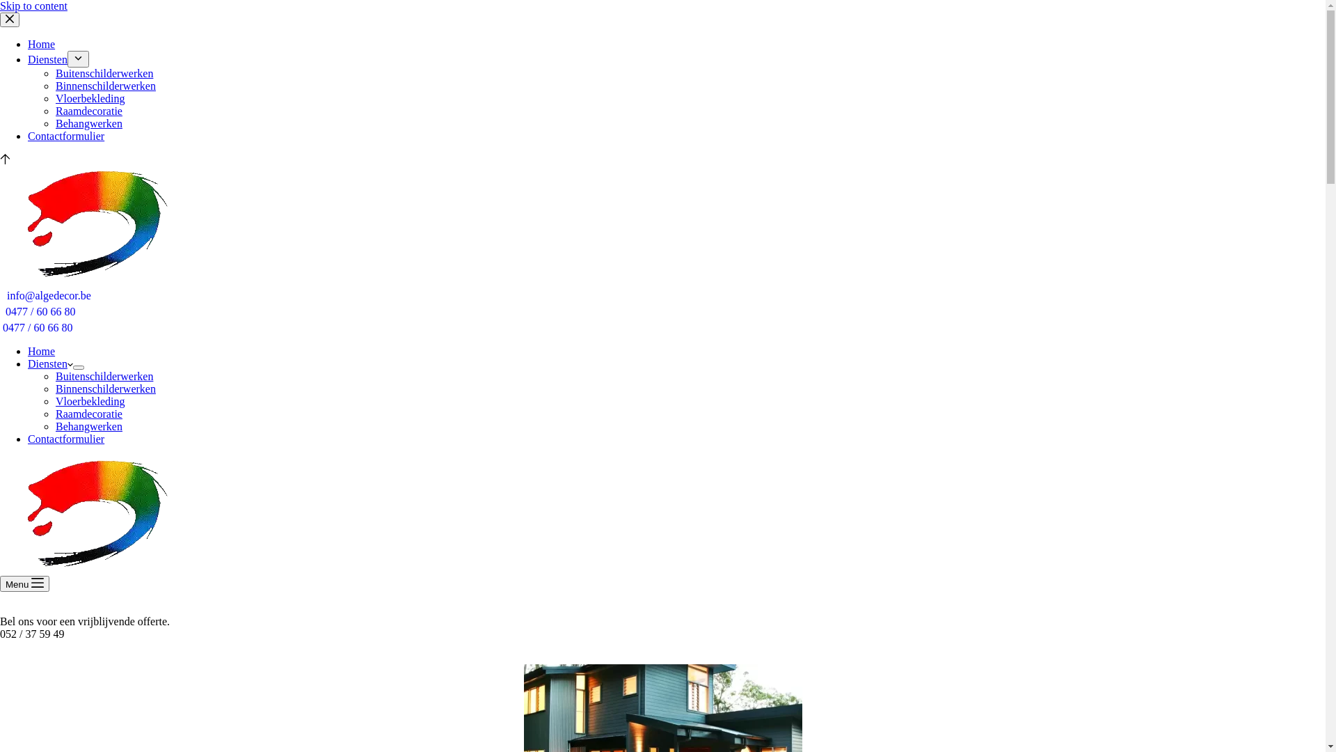 This screenshot has width=1336, height=752. What do you see at coordinates (105, 86) in the screenshot?
I see `'Binnenschilderwerken'` at bounding box center [105, 86].